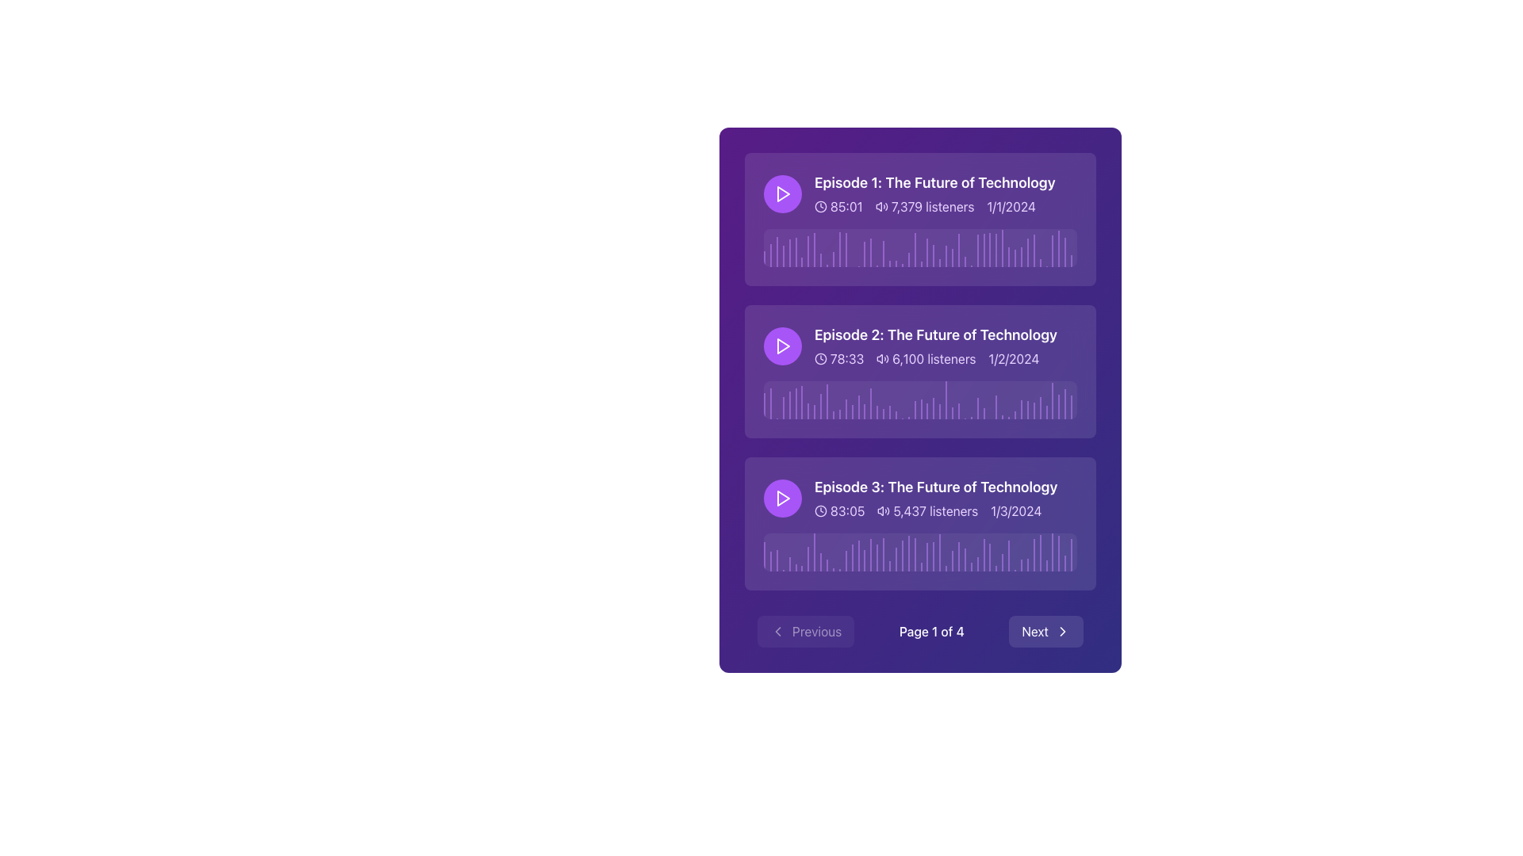  What do you see at coordinates (783, 193) in the screenshot?
I see `the Play button located at the top-left corner of the first episode entry, next to 'Episode 1: The Future of Technology'` at bounding box center [783, 193].